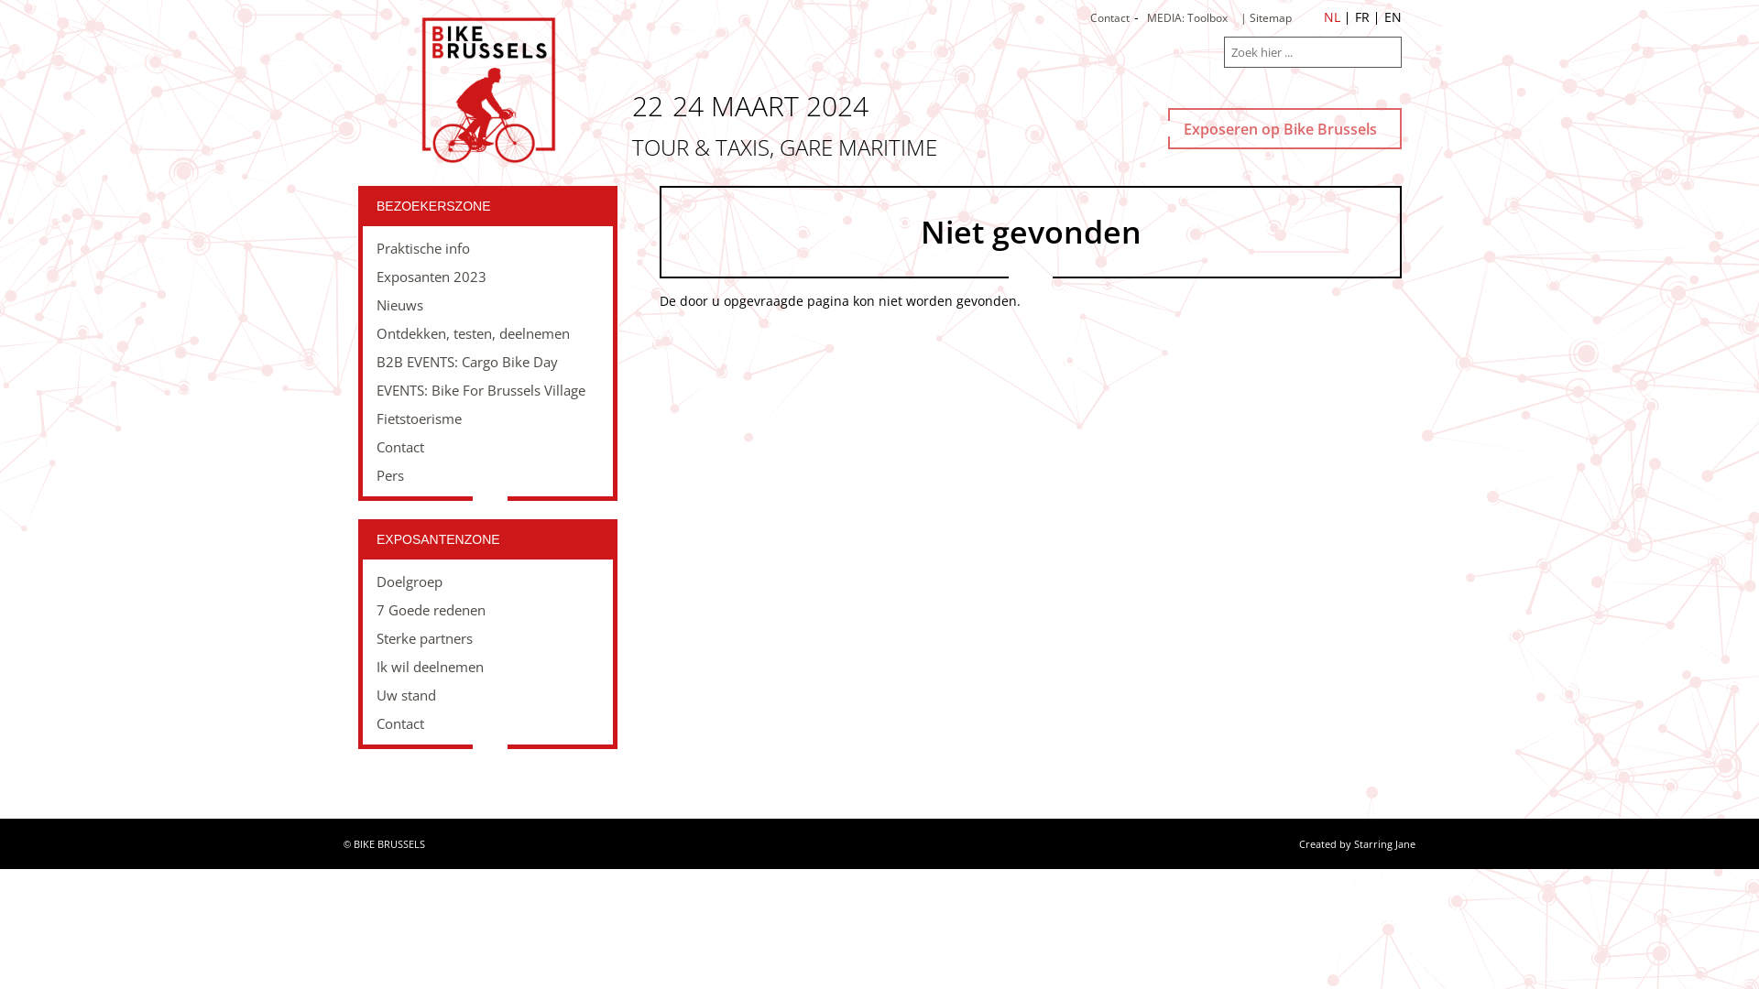 This screenshot has width=1759, height=989. What do you see at coordinates (1362, 17) in the screenshot?
I see `'FR'` at bounding box center [1362, 17].